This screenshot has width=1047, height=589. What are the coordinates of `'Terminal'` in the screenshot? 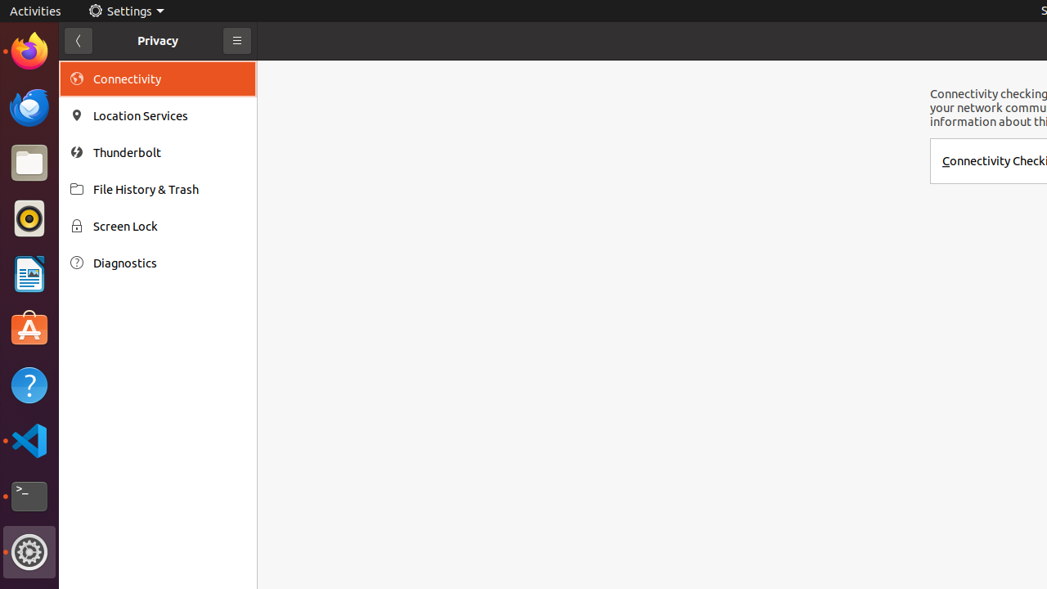 It's located at (29, 496).